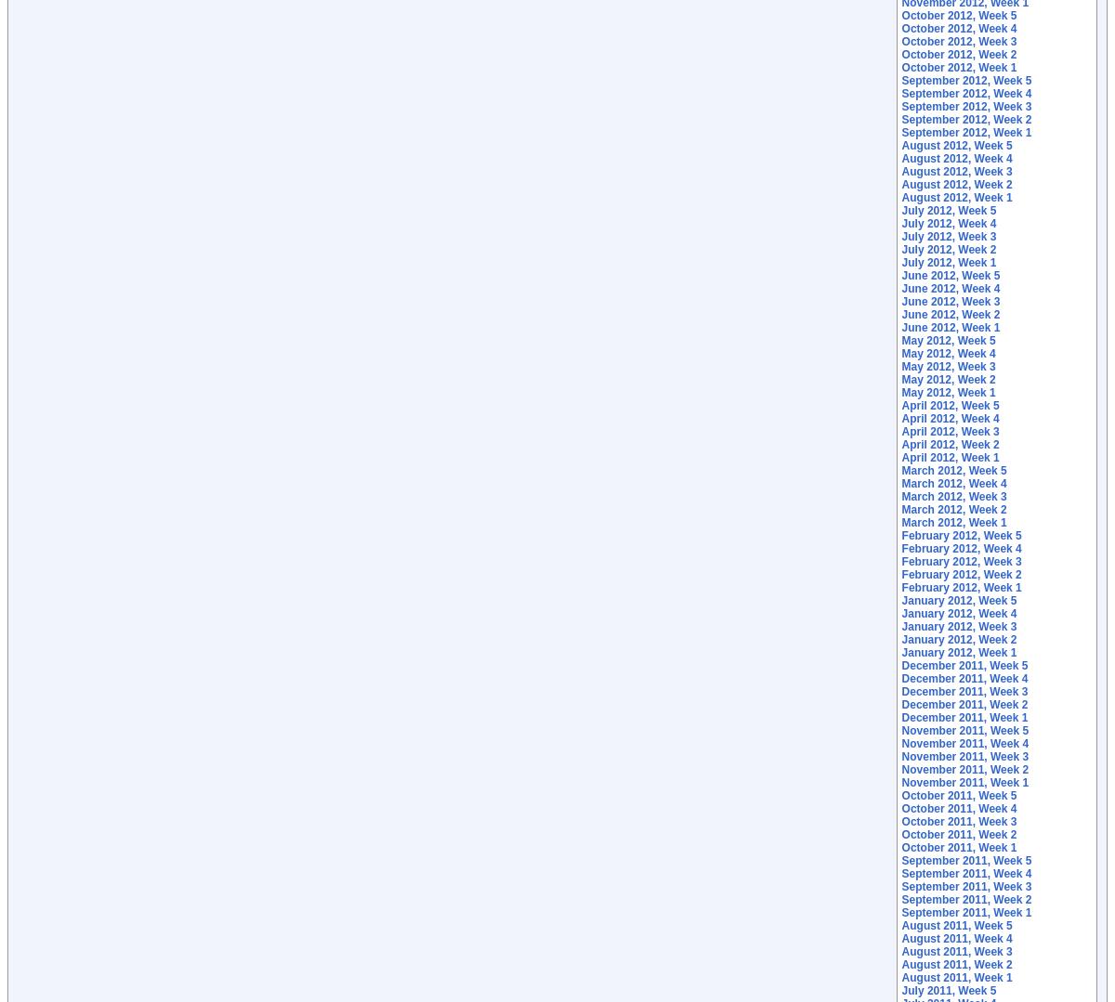  I want to click on 'October 2011, Week 3', so click(959, 820).